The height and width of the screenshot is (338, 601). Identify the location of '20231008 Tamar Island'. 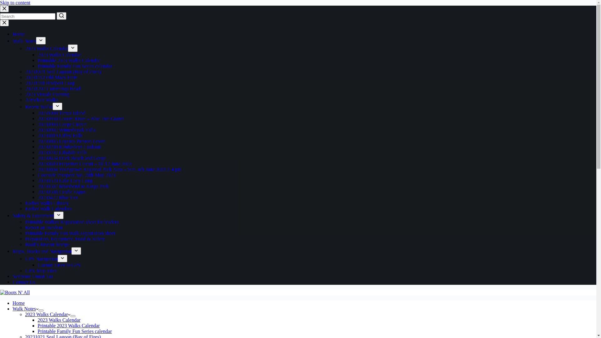
(61, 113).